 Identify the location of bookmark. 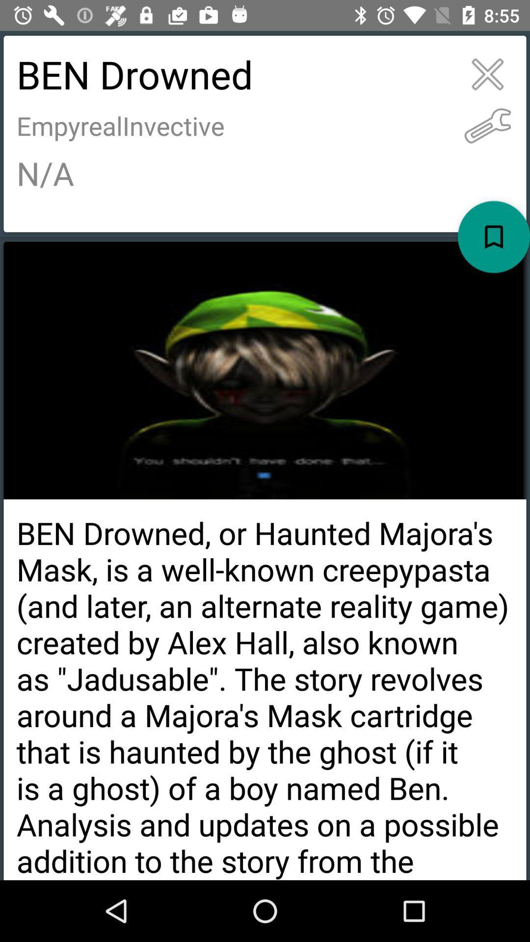
(494, 237).